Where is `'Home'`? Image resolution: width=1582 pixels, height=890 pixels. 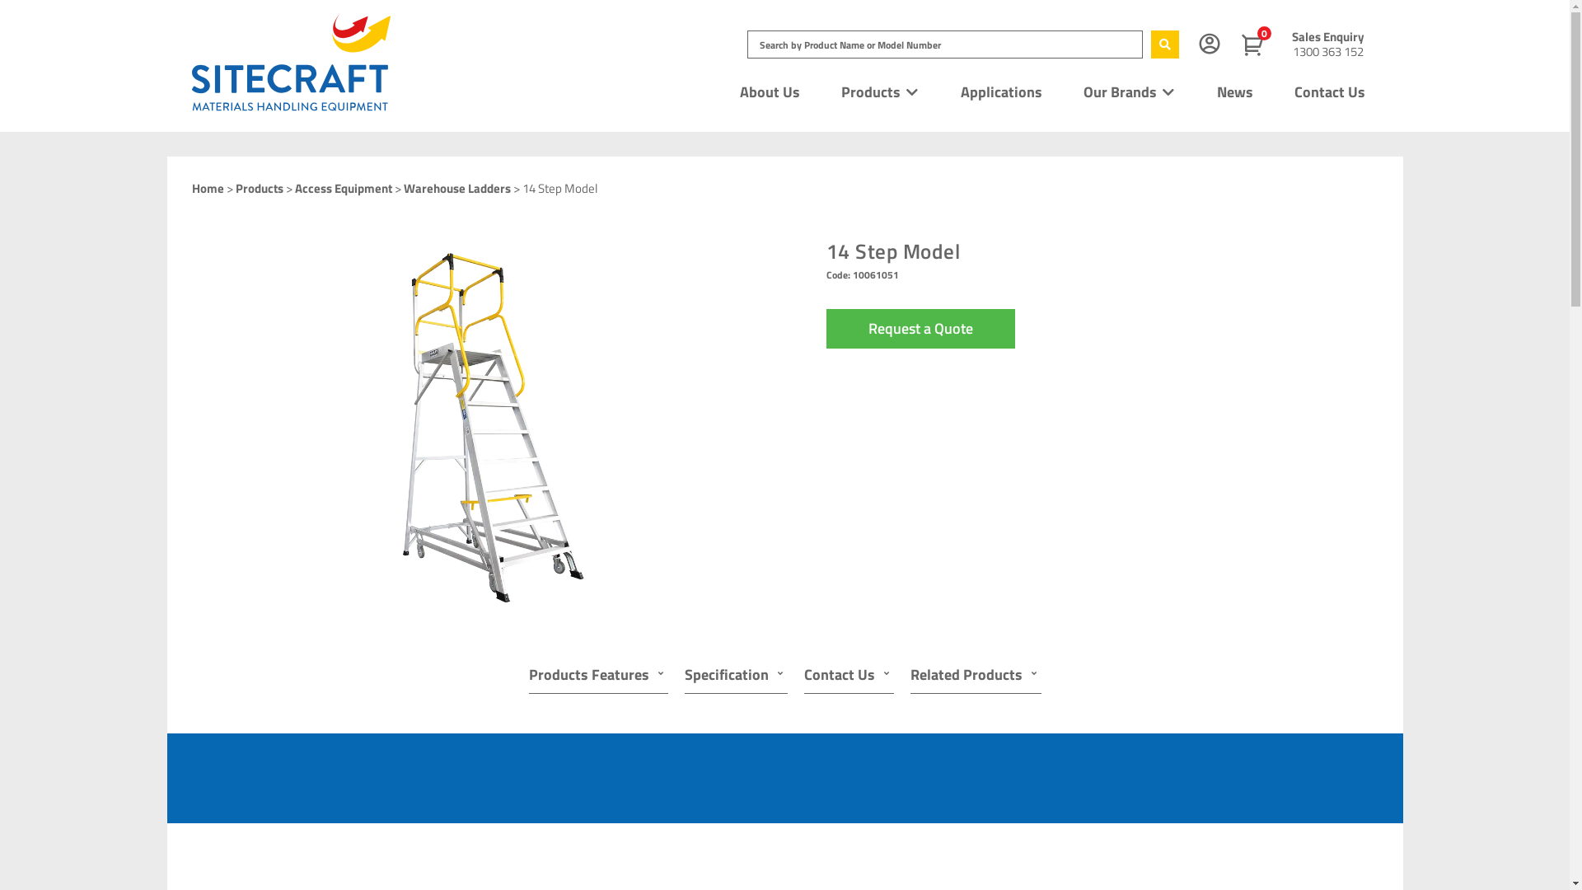 'Home' is located at coordinates (206, 187).